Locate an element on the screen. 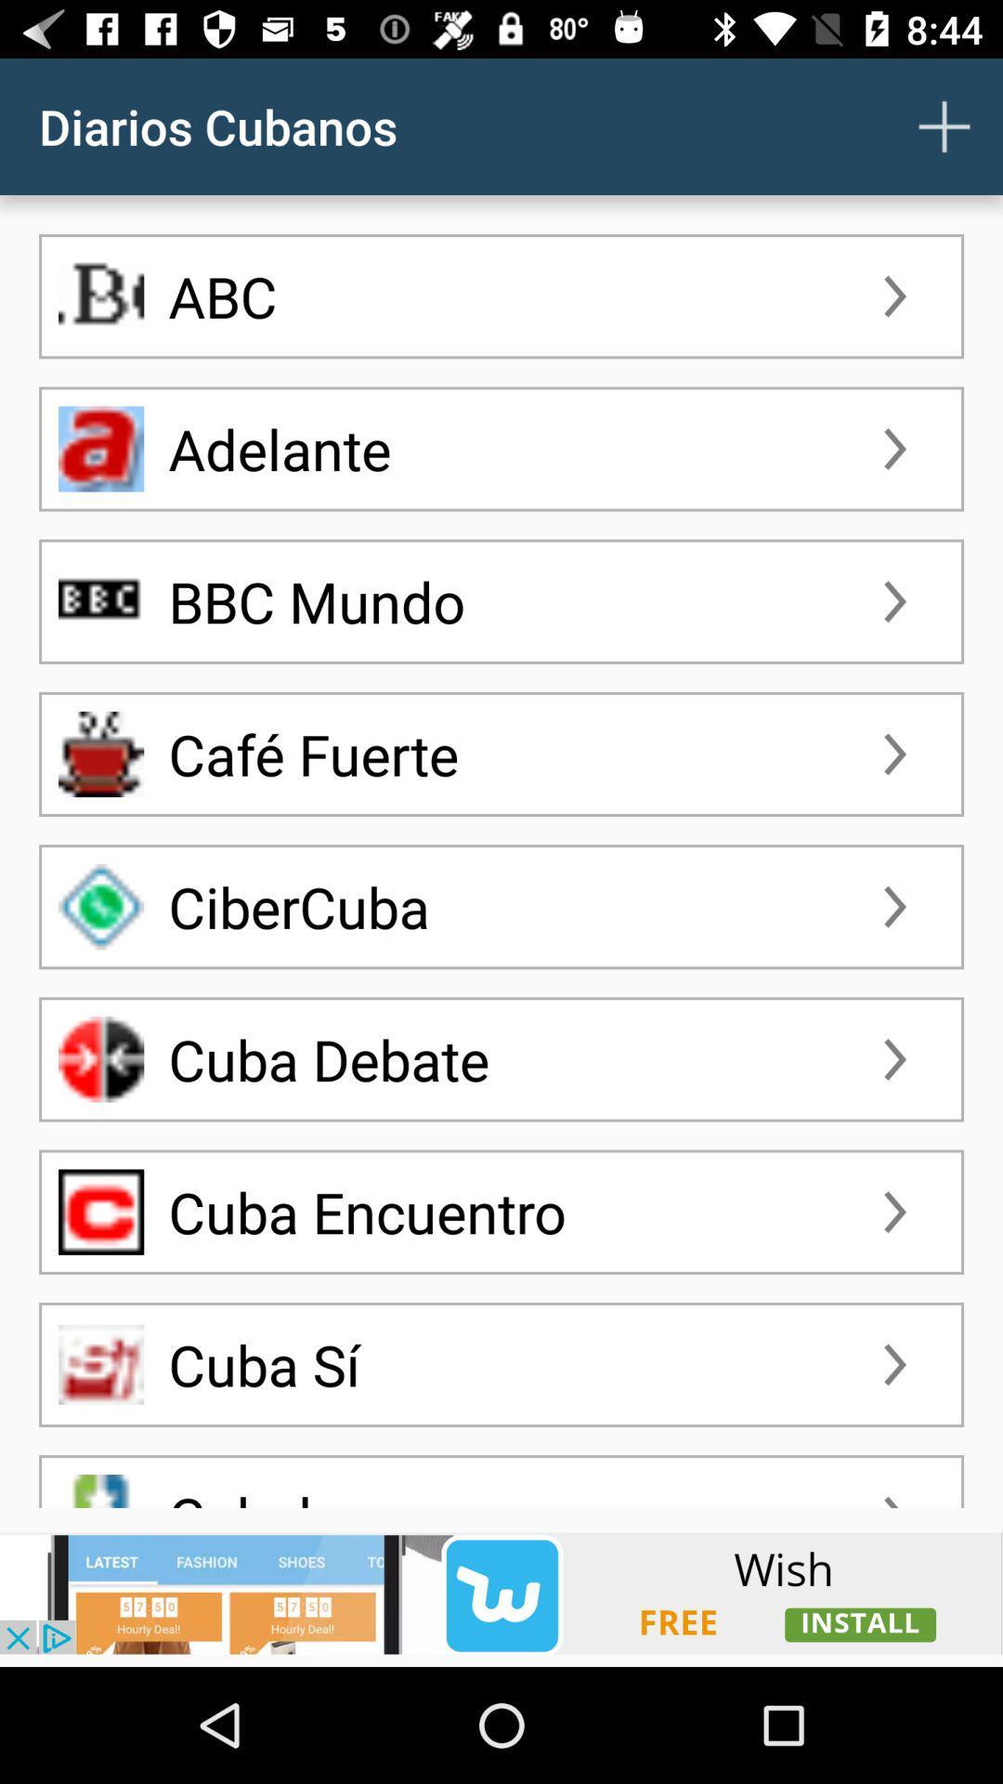 The image size is (1003, 1784). the adelante icon is located at coordinates (100, 449).